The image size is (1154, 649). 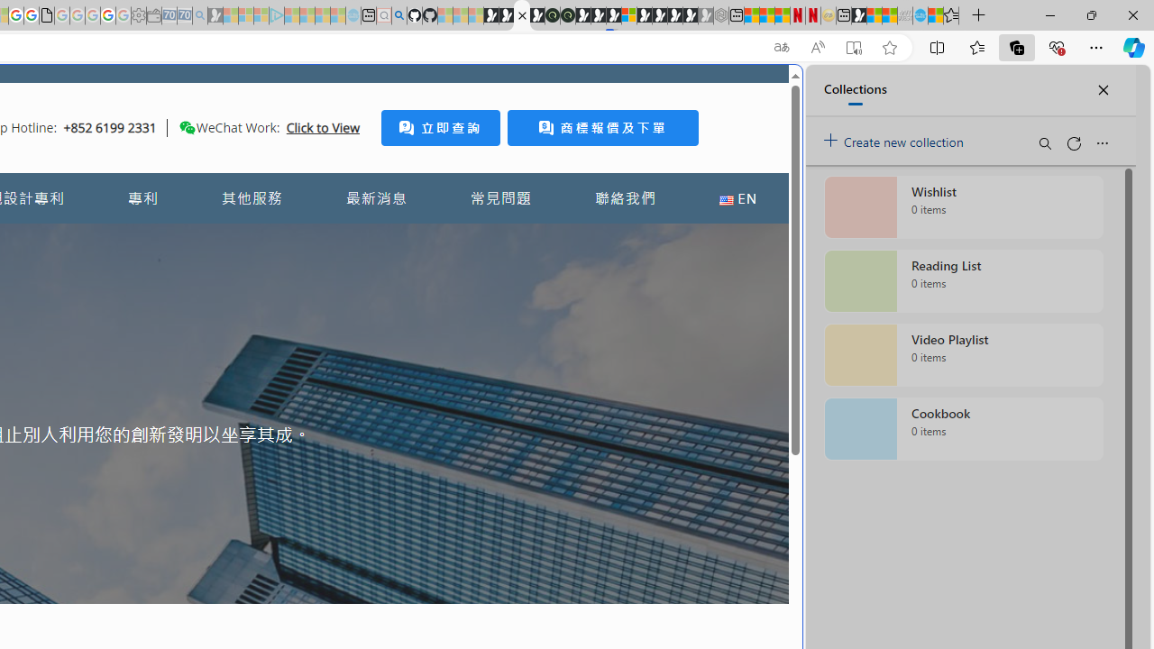 I want to click on 'Settings - Sleeping', so click(x=138, y=15).